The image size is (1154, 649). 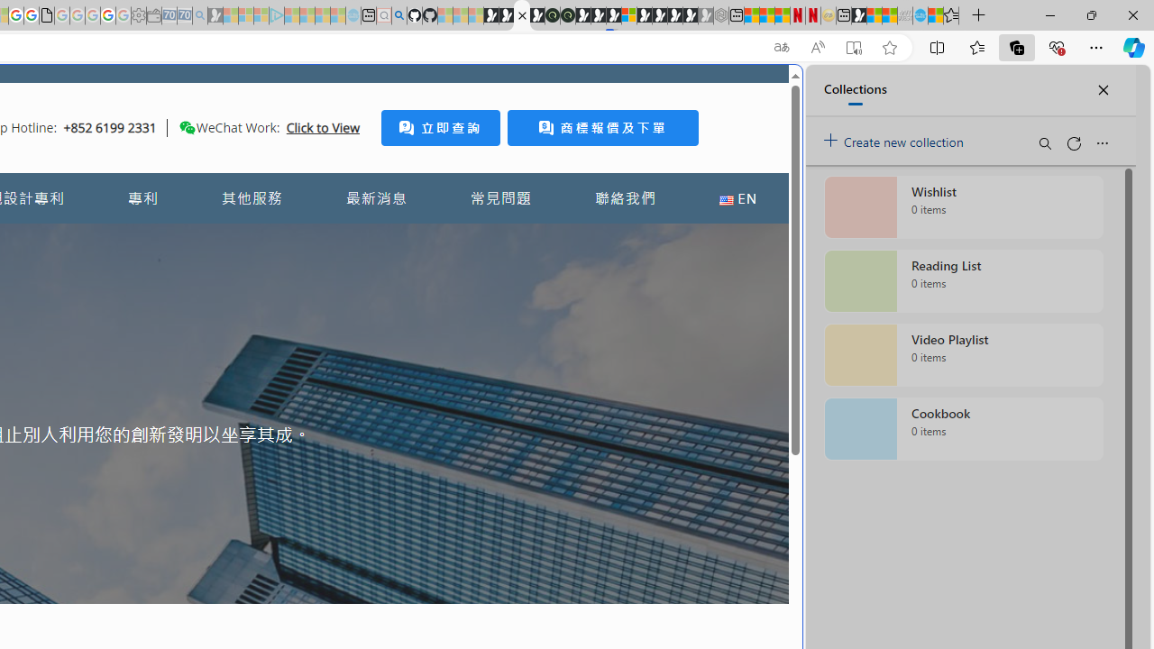 I want to click on 'Settings - Sleeping', so click(x=138, y=15).